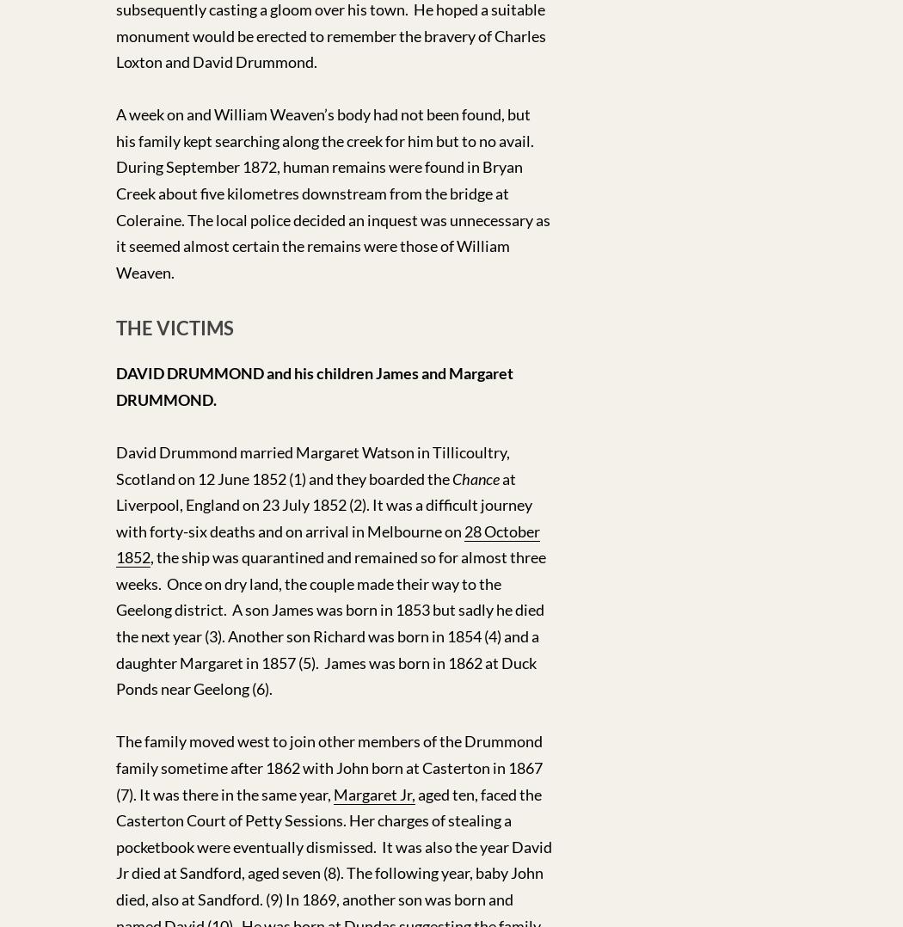 The image size is (903, 927). Describe the element at coordinates (323, 504) in the screenshot. I see `'at Liverpool, England on 23 July 1852 (2). It was a difficult journey with forty-six deaths and on arrival in Melbourne on'` at that location.